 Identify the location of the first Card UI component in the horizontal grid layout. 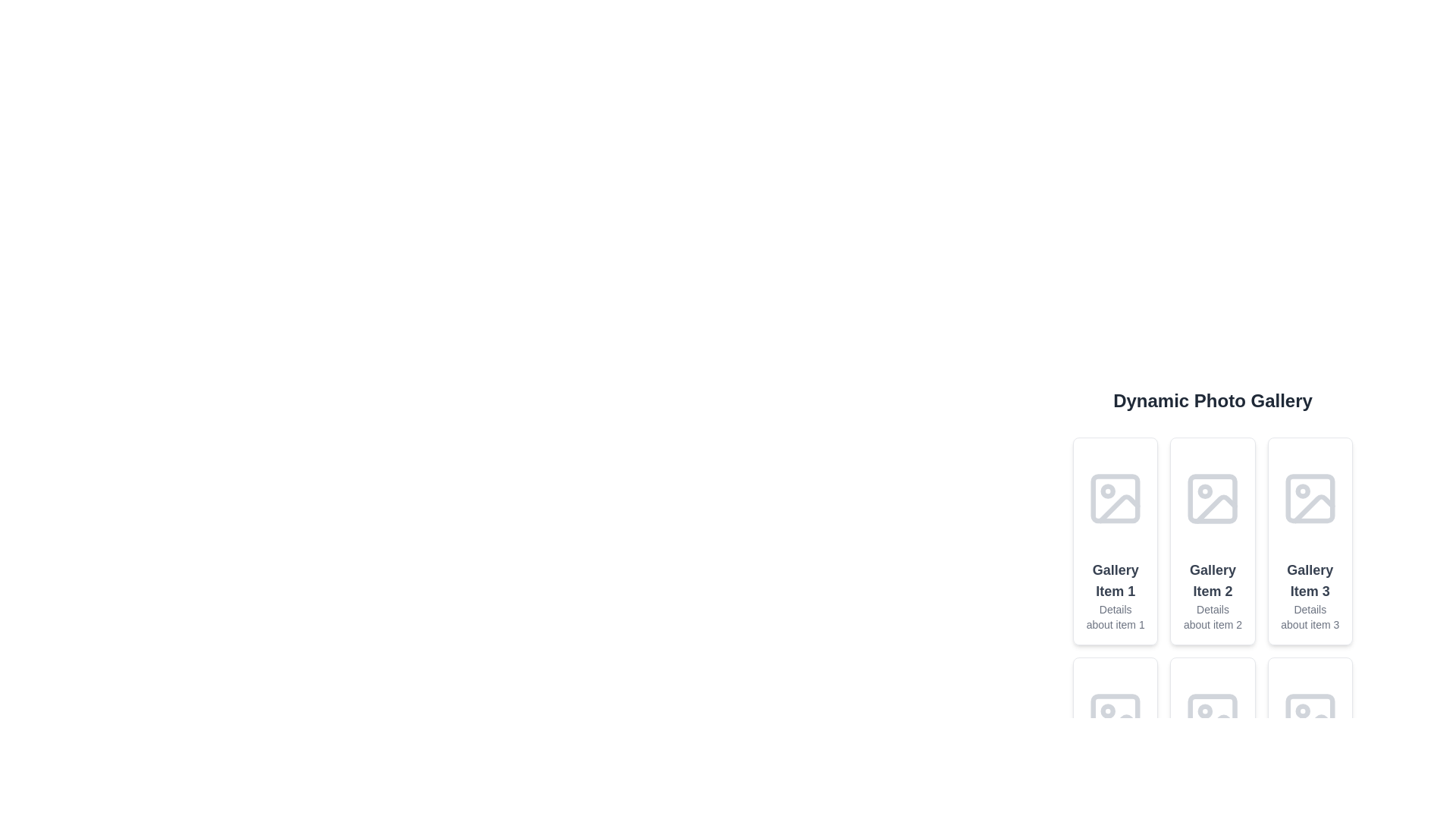
(1115, 540).